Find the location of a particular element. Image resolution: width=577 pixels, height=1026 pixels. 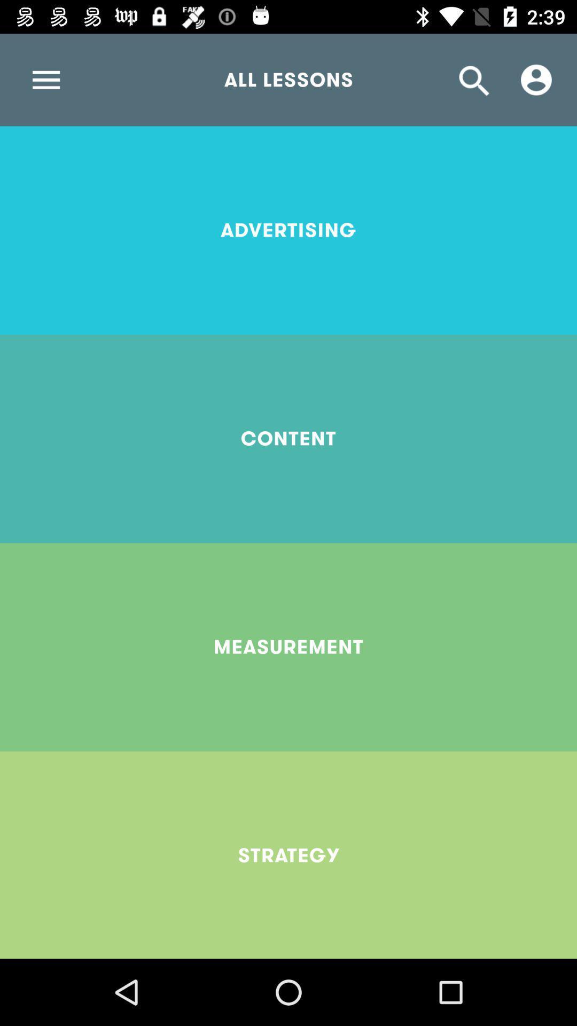

the item next to the all lessons item is located at coordinates (536, 79).